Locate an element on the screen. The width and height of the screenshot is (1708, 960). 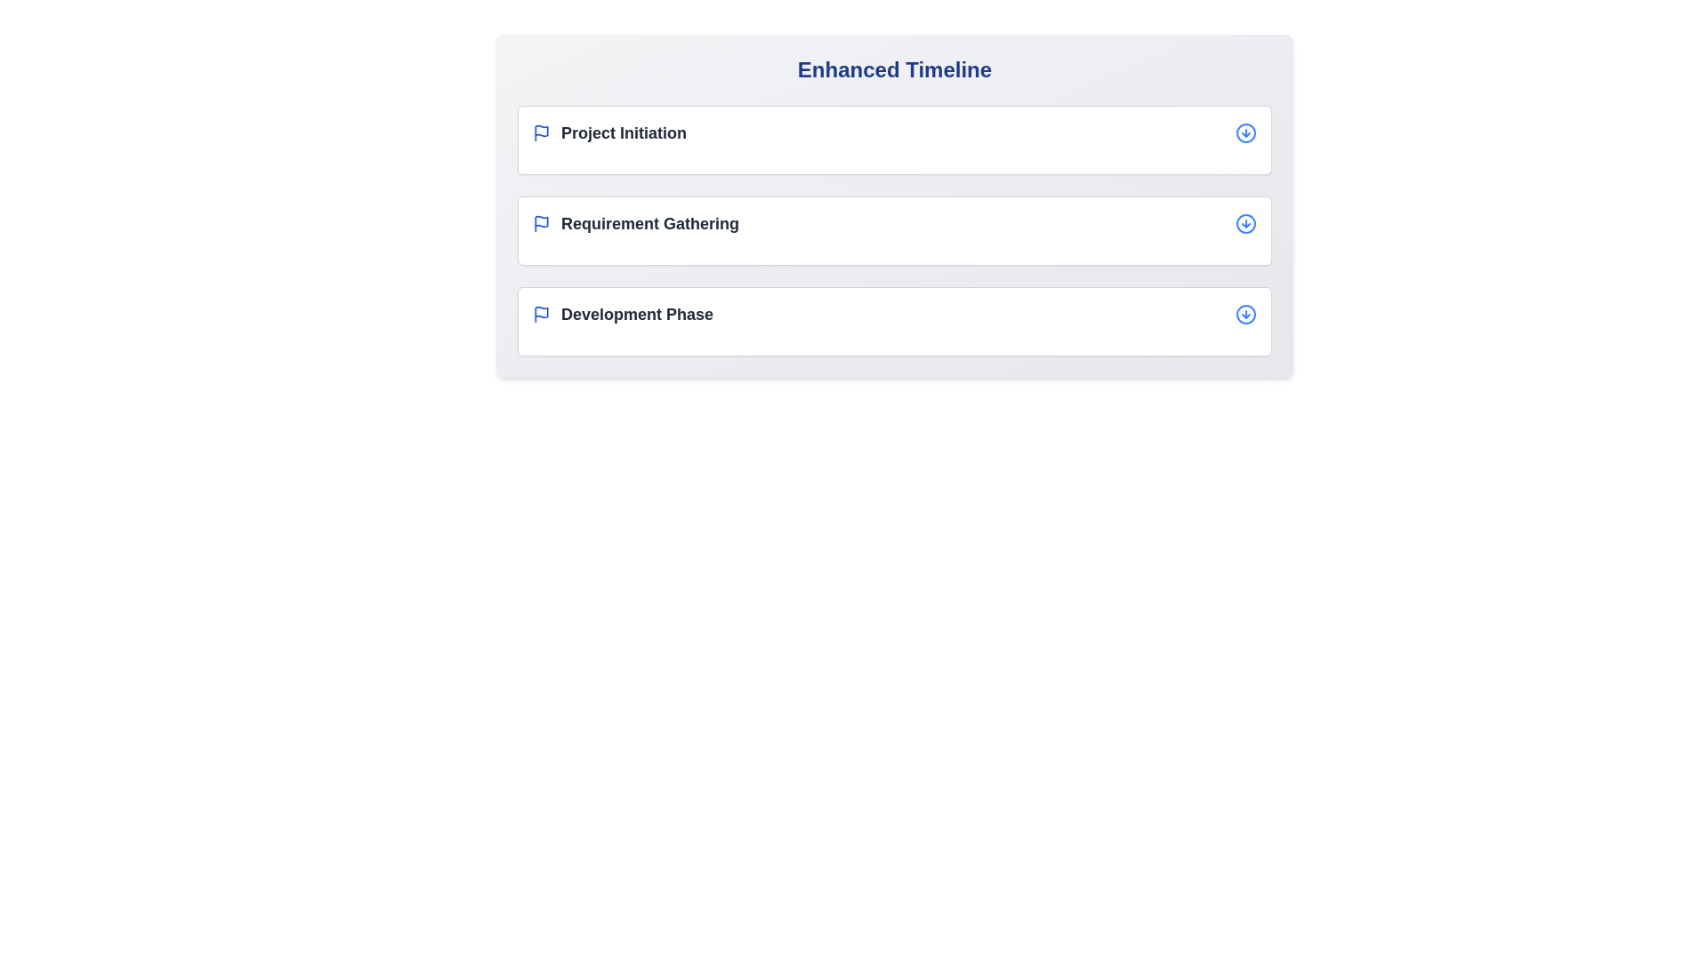
the status indicated by the flag icon preceding the text 'Project Initiation' in the 'Enhanced Timeline' section is located at coordinates (541, 132).